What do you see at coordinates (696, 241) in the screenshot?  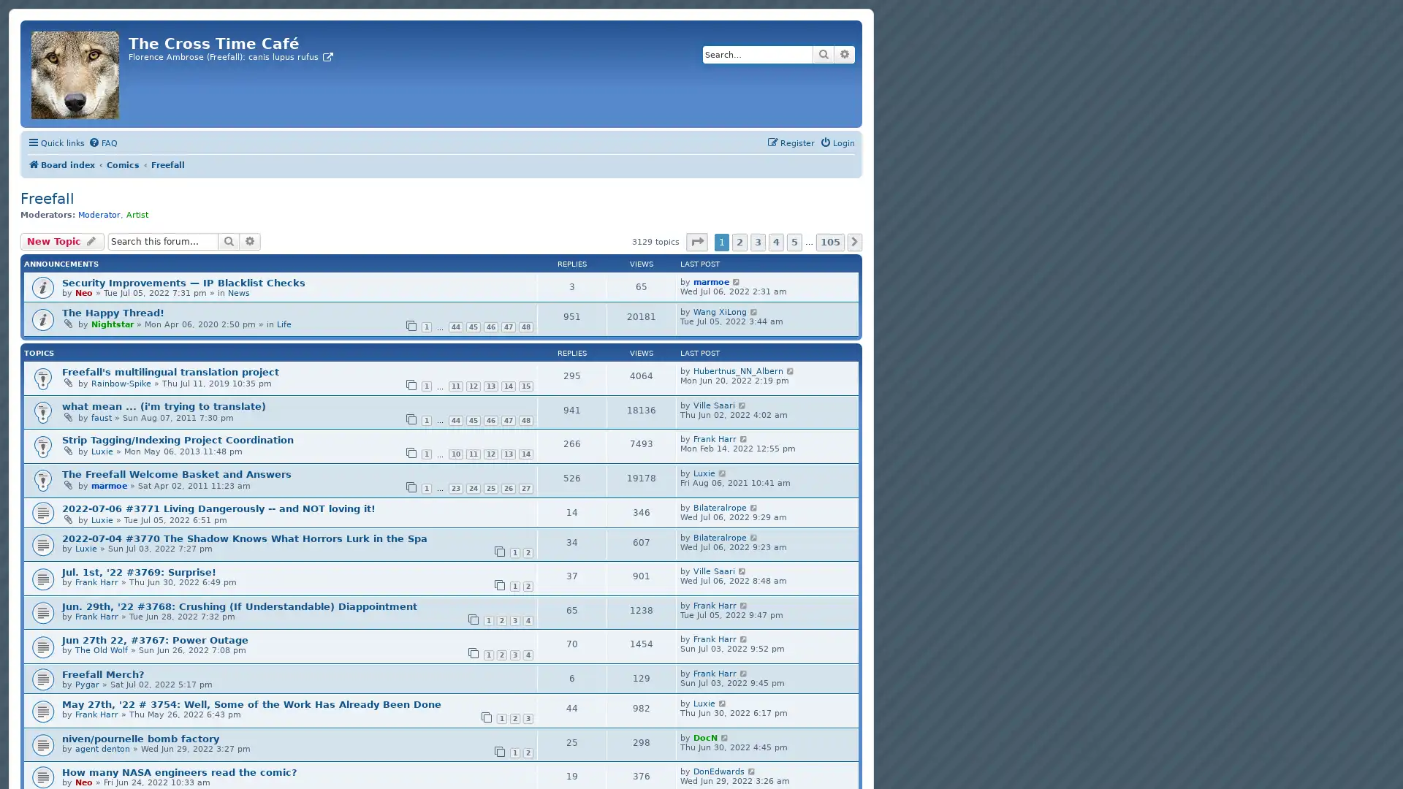 I see `Page 1 of 105` at bounding box center [696, 241].